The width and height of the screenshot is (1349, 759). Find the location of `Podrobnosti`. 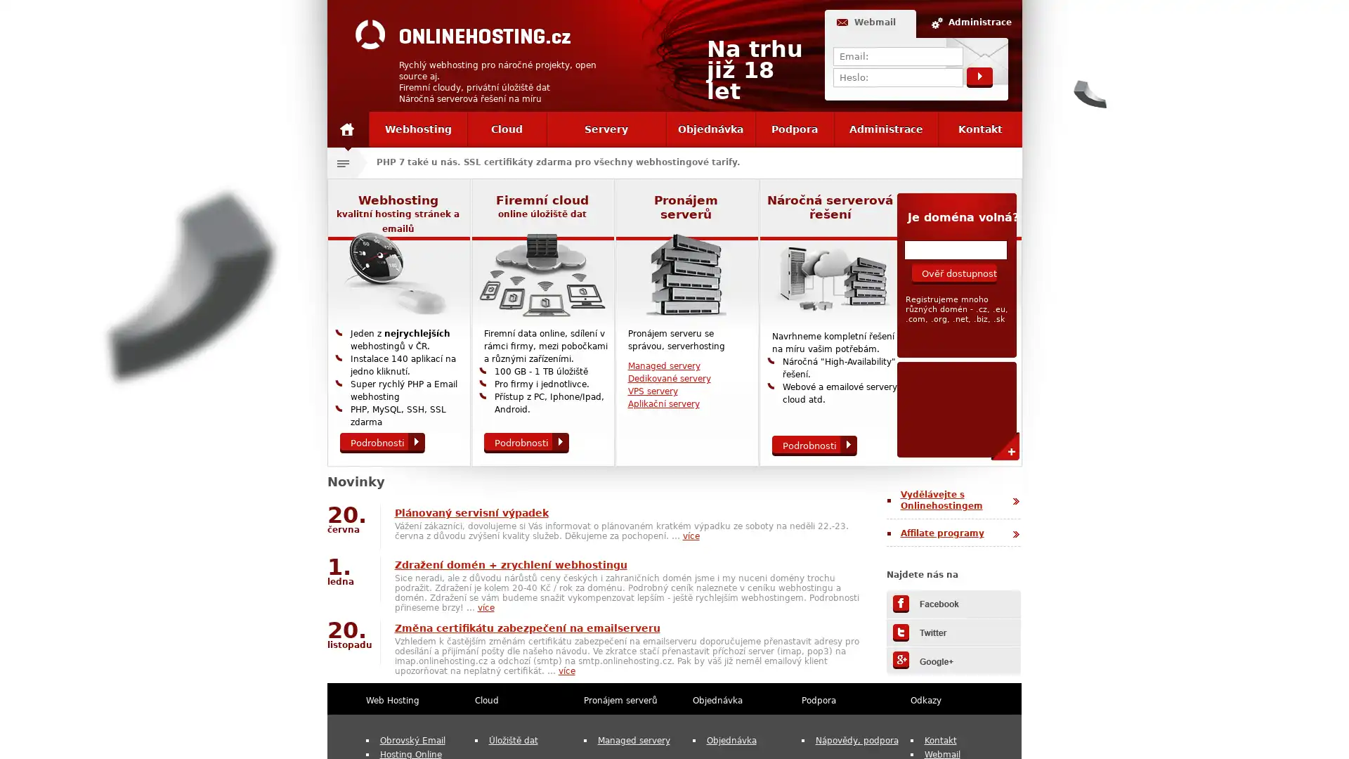

Podrobnosti is located at coordinates (382, 443).